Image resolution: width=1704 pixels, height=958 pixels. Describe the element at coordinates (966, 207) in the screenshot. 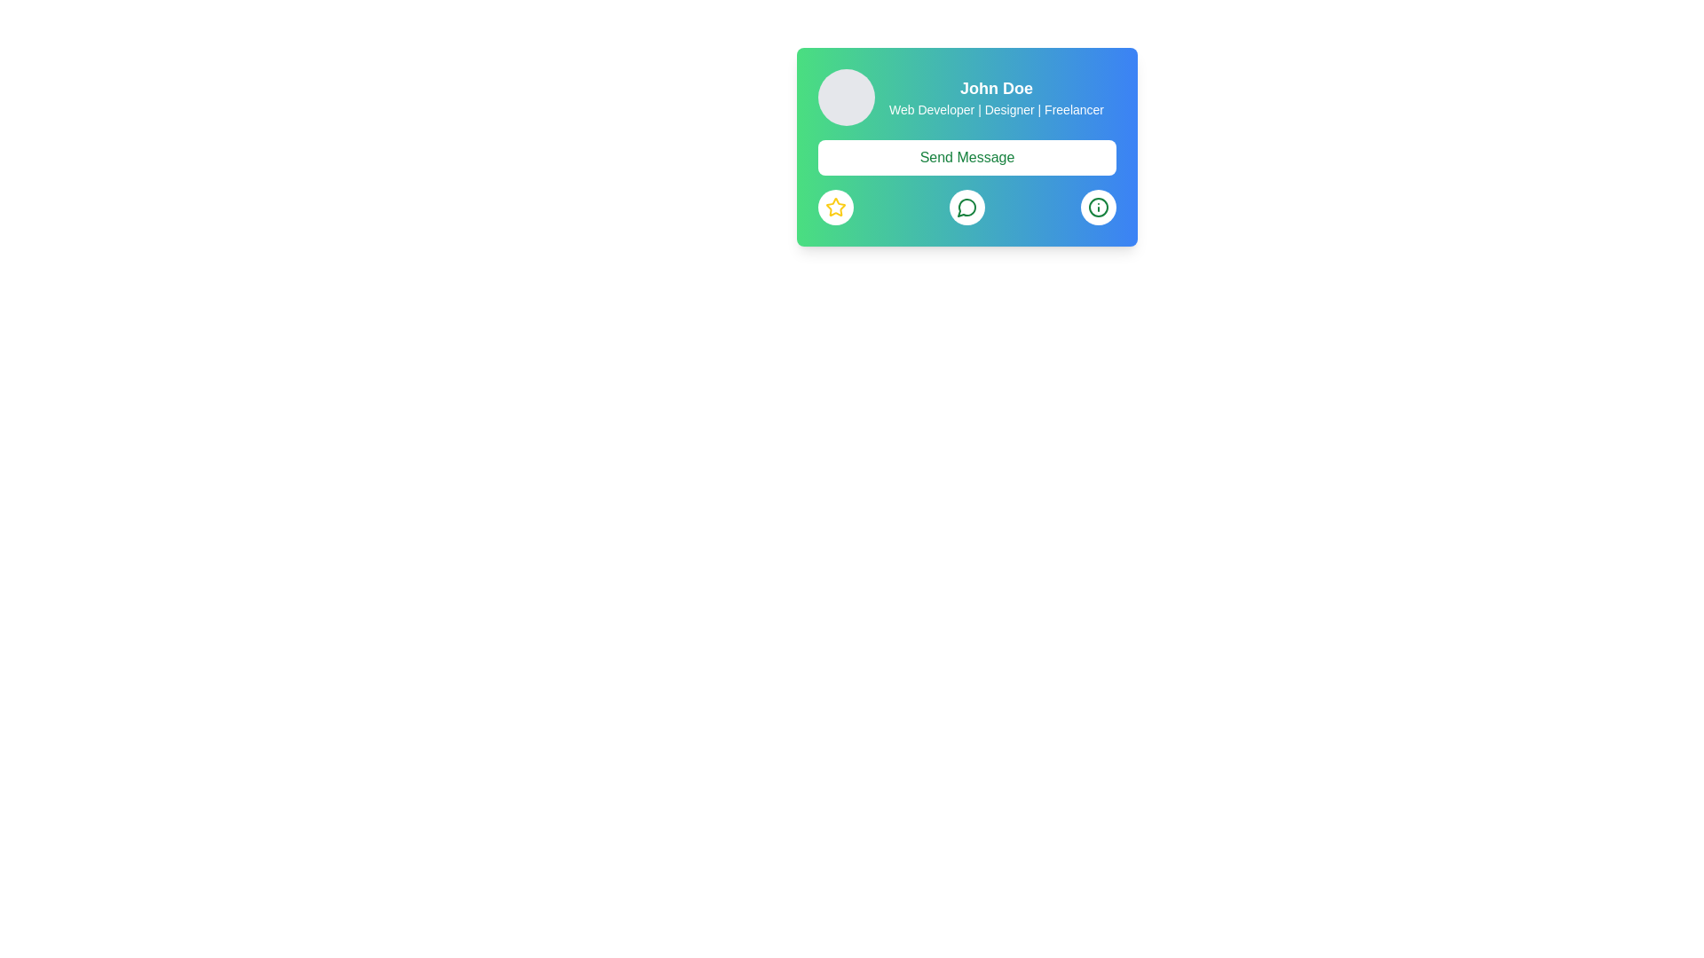

I see `the circular button with a green chat bubble icon, which is the middle one among three horizontally arranged buttons below the 'Send Message' button` at that location.